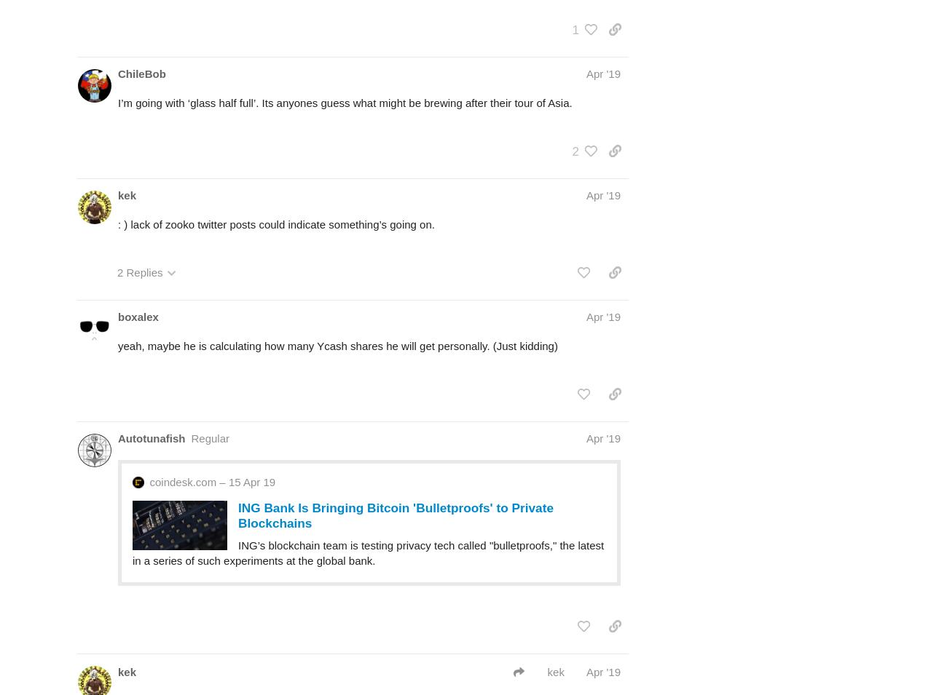 This screenshot has width=947, height=695. Describe the element at coordinates (210, 438) in the screenshot. I see `'Regular'` at that location.